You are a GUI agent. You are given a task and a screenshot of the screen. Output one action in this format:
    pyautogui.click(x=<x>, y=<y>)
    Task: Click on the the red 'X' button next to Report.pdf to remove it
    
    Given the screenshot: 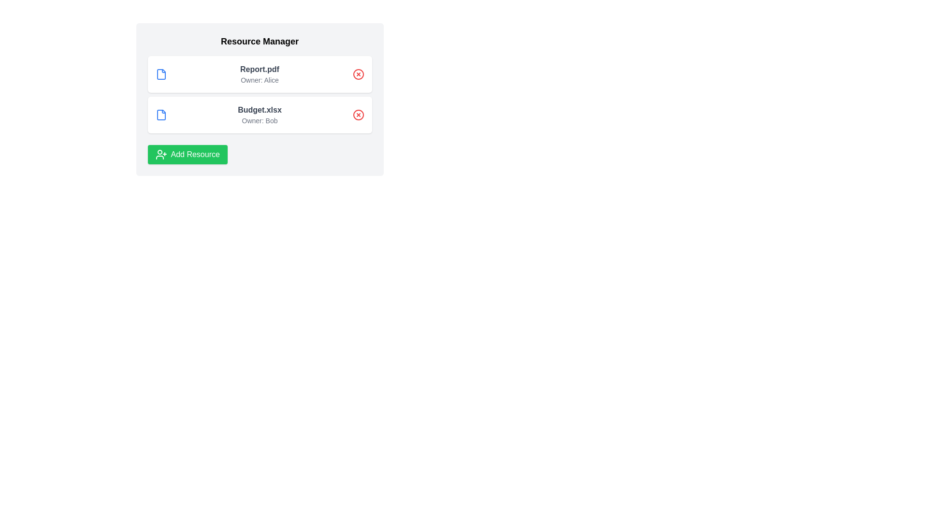 What is the action you would take?
    pyautogui.click(x=358, y=74)
    